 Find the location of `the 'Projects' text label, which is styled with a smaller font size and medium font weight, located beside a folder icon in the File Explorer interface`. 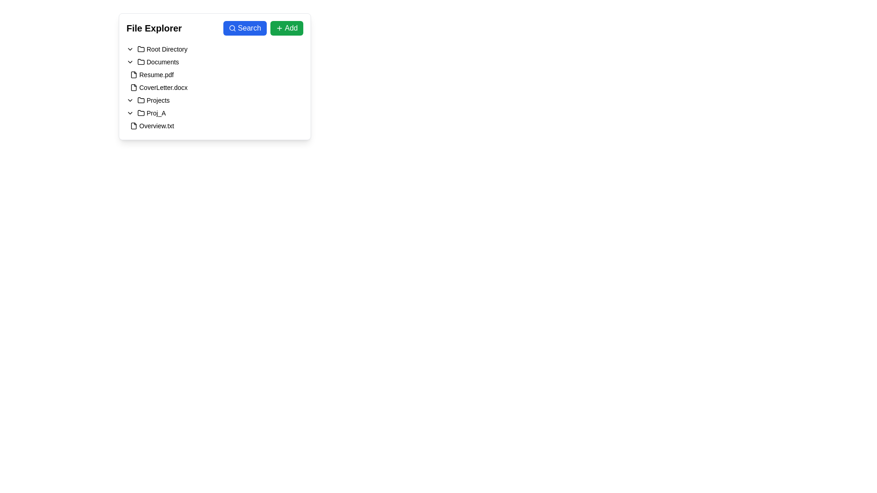

the 'Projects' text label, which is styled with a smaller font size and medium font weight, located beside a folder icon in the File Explorer interface is located at coordinates (158, 100).